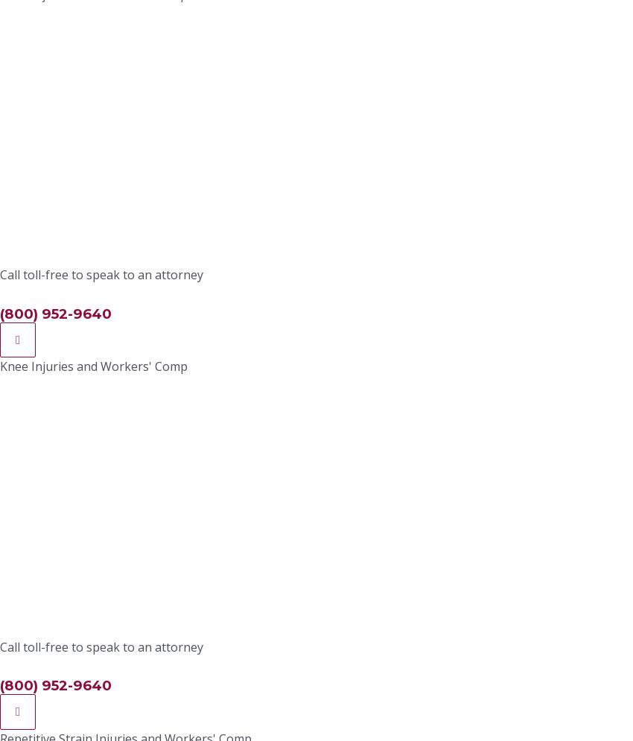 This screenshot has width=633, height=741. What do you see at coordinates (445, 434) in the screenshot?
I see `'Benzene Exposure'` at bounding box center [445, 434].